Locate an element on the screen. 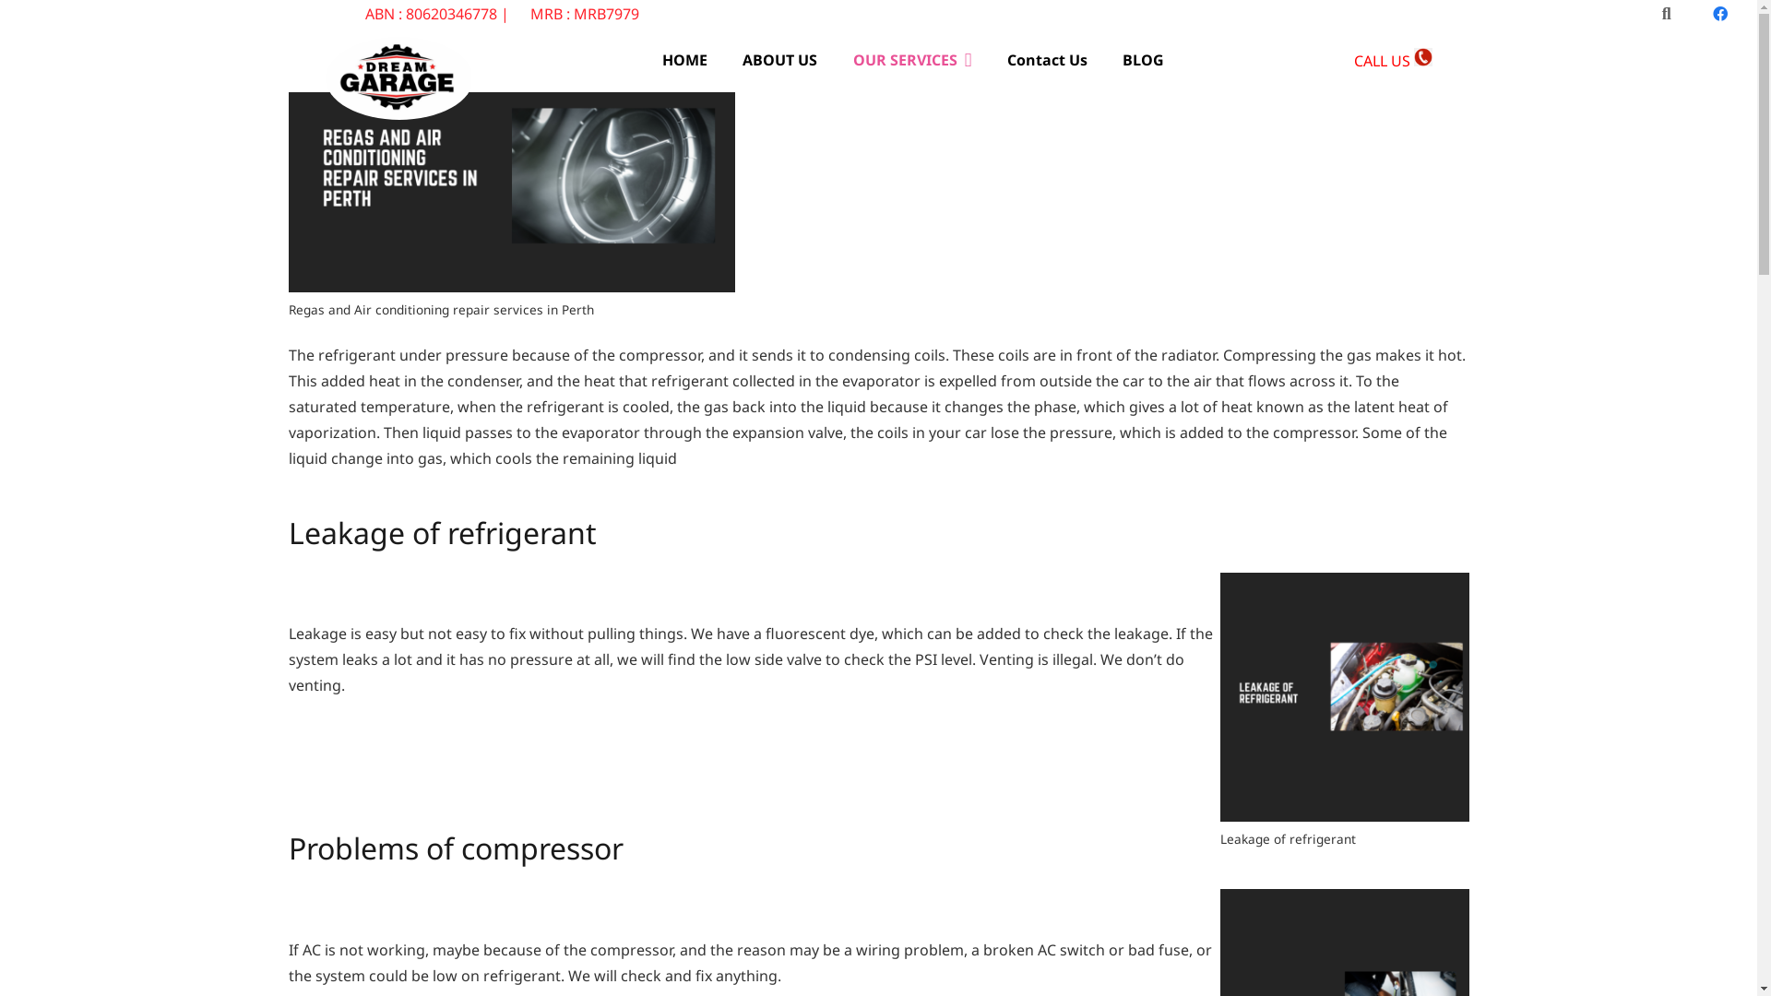  'Contact Us' is located at coordinates (1047, 59).